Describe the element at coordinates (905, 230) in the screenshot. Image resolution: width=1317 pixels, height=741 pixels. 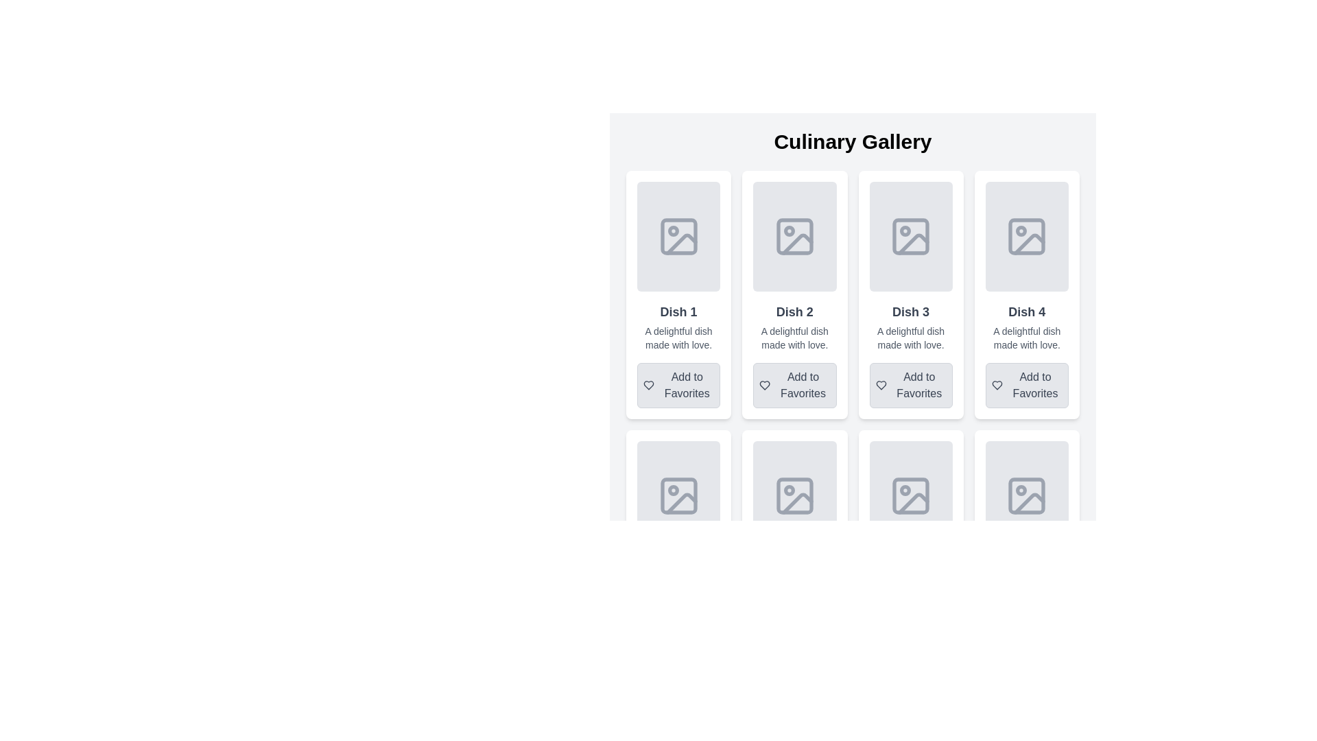
I see `the Indicator located within the third image placeholder icon in the 'Culinary Gallery' section, which serves as a visual alert regarding the image it overlays` at that location.